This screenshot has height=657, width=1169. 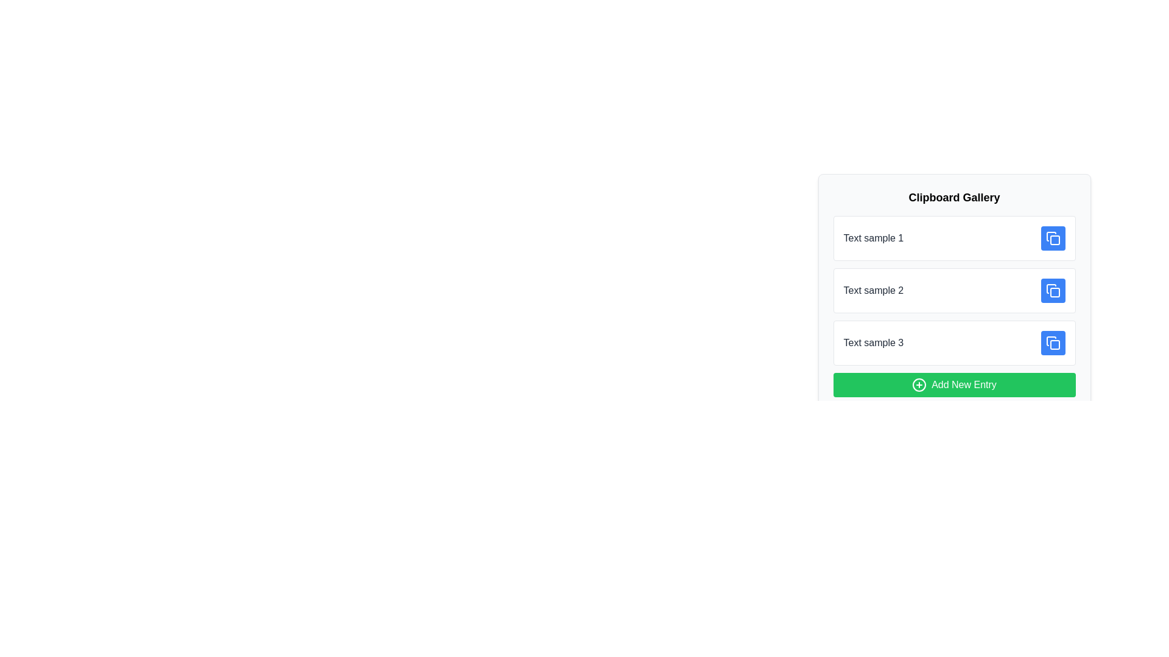 I want to click on the rounded blue button with an icon of overlapping squares, located to the far-right of the row associated with 'Text sample 1', so click(x=1052, y=238).